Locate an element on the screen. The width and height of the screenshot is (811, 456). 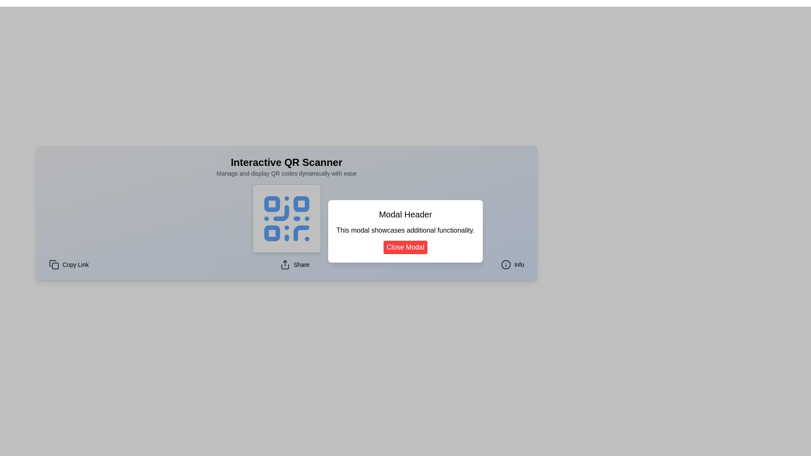
the share icon located within the 'Share' button group, positioned to the left of the 'Share' text label, to initiate a share action is located at coordinates (285, 264).